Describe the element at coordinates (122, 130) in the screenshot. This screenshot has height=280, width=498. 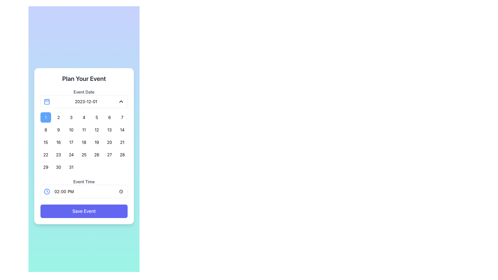
I see `the calendar button` at that location.